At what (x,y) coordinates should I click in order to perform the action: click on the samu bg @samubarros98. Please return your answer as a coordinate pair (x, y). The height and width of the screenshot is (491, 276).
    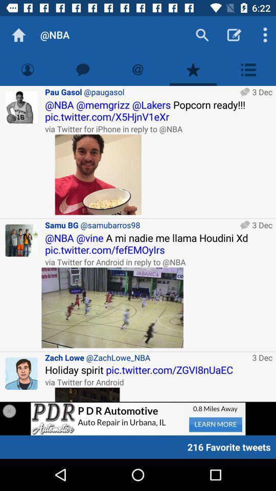
    Looking at the image, I should click on (140, 225).